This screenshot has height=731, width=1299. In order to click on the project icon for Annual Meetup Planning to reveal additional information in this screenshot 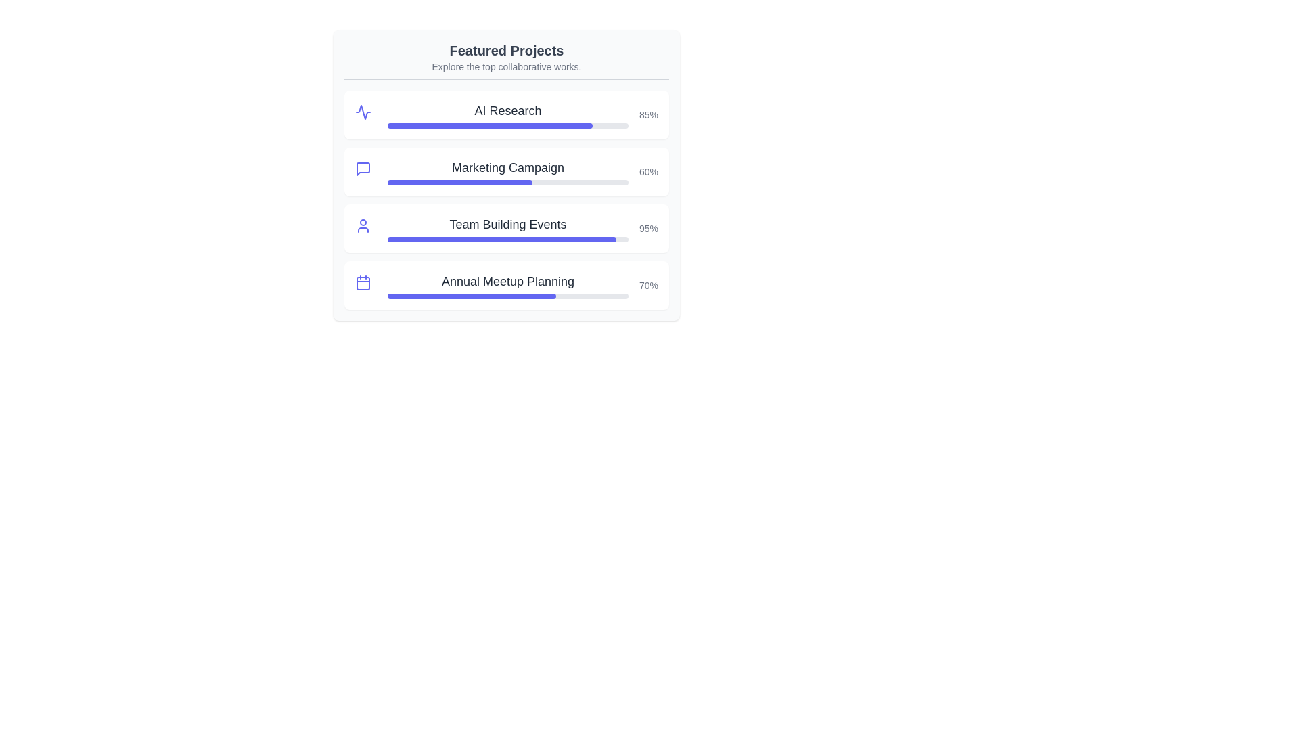, I will do `click(366, 284)`.